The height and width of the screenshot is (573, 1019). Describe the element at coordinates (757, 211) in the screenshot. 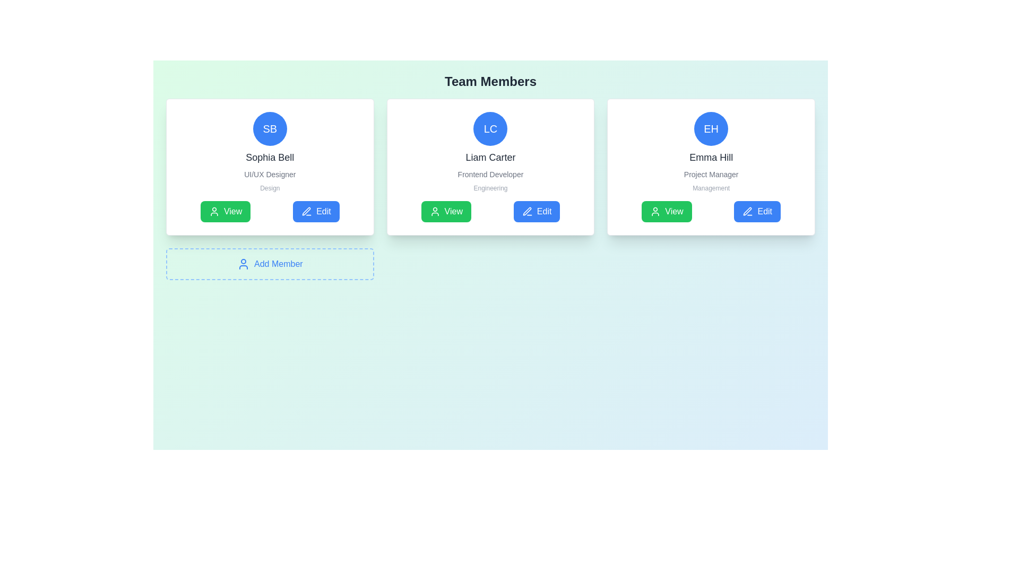

I see `the edit button located at the bottom right corner of the card section for 'Emma Hill'` at that location.